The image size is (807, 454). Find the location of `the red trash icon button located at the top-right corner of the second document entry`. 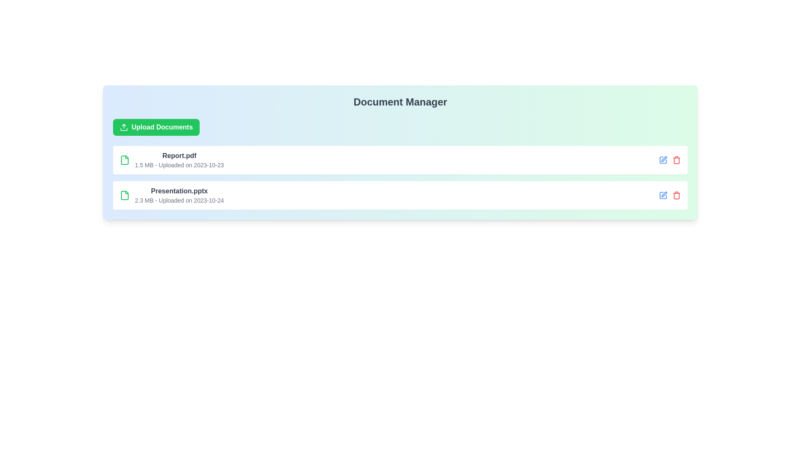

the red trash icon button located at the top-right corner of the second document entry is located at coordinates (676, 195).